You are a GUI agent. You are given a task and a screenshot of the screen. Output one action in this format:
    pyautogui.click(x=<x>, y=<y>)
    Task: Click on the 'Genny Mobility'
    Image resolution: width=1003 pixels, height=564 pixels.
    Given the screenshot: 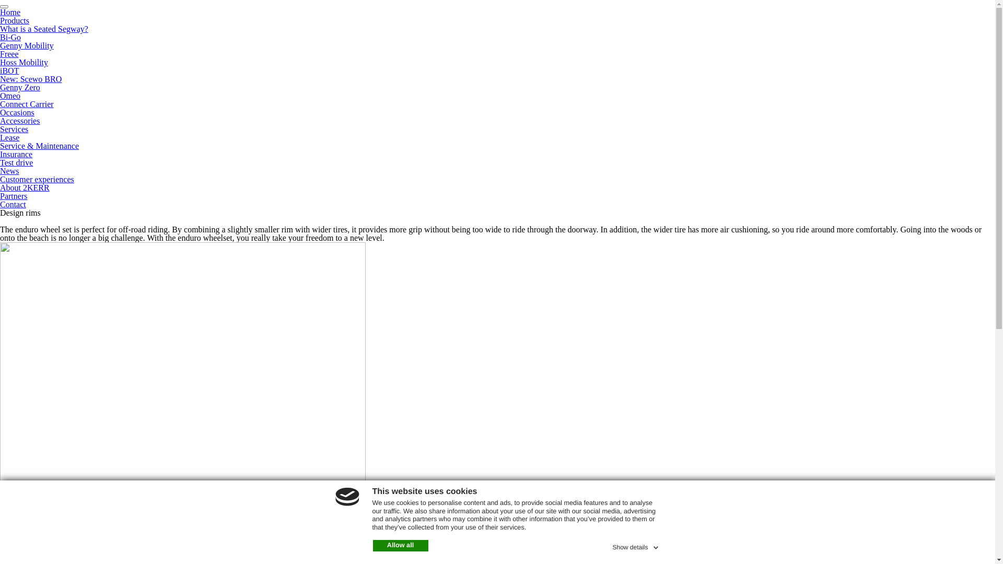 What is the action you would take?
    pyautogui.click(x=27, y=45)
    